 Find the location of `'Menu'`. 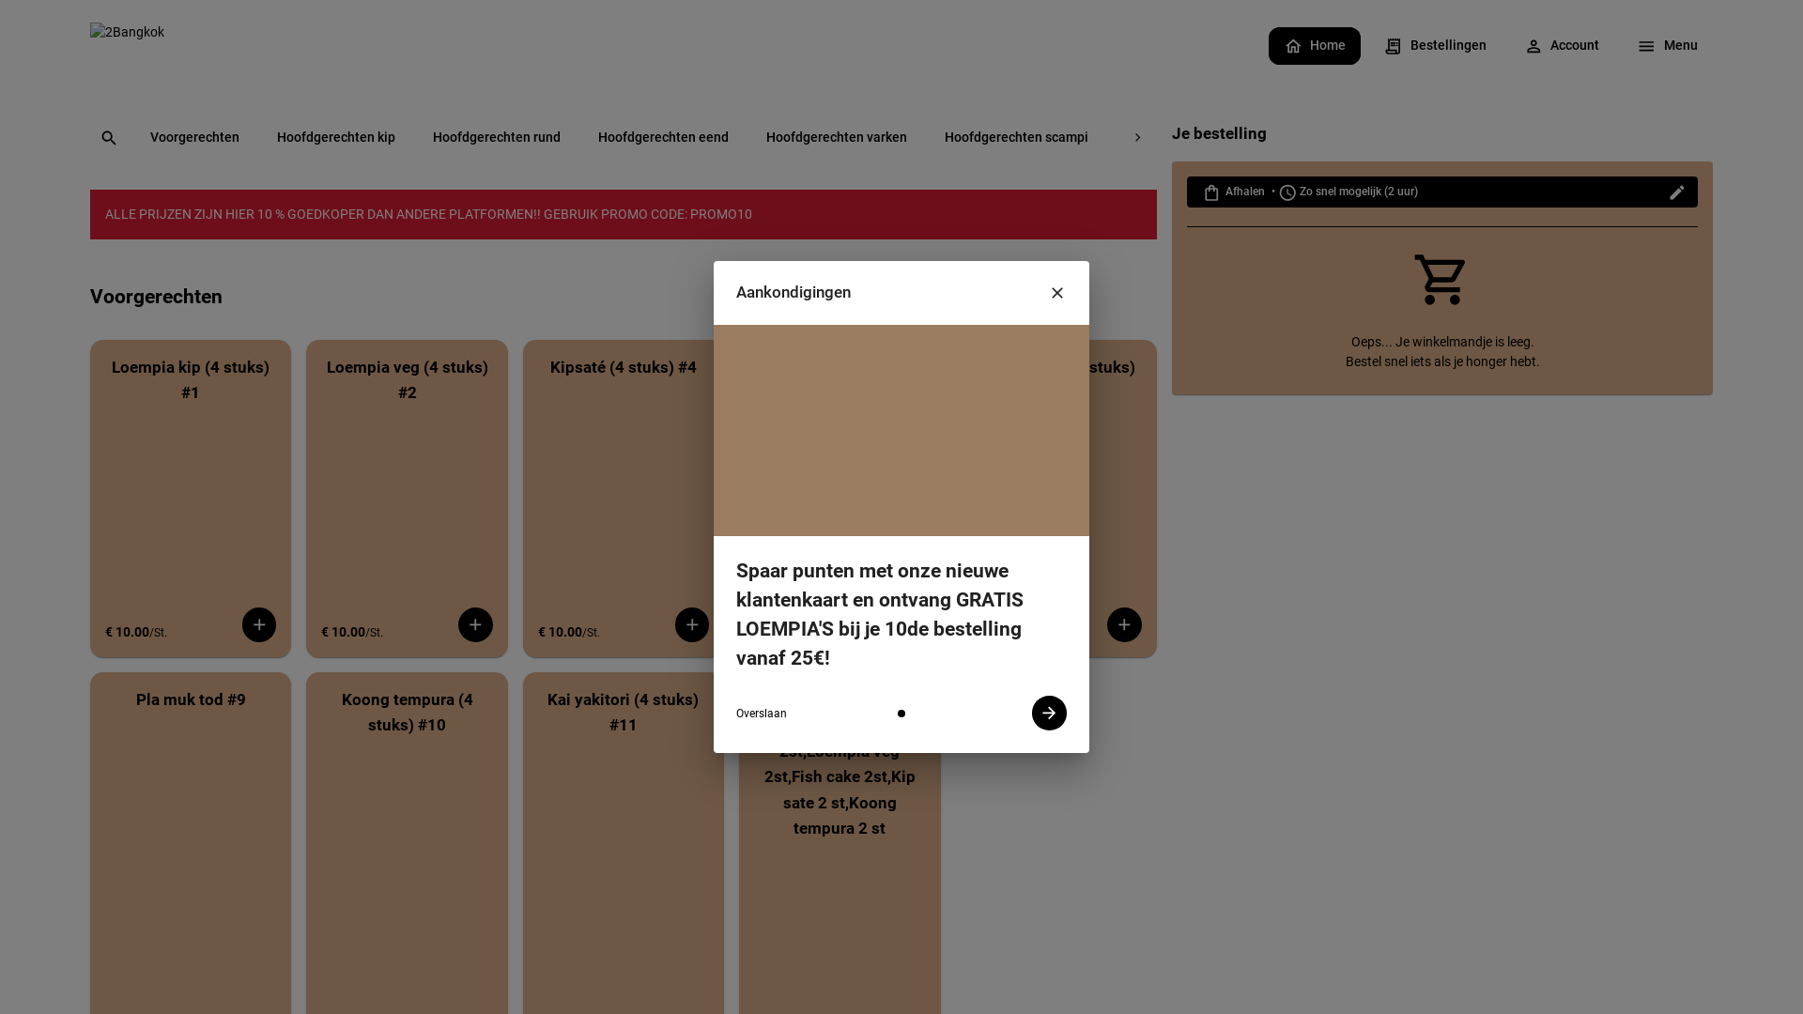

'Menu' is located at coordinates (1667, 47).